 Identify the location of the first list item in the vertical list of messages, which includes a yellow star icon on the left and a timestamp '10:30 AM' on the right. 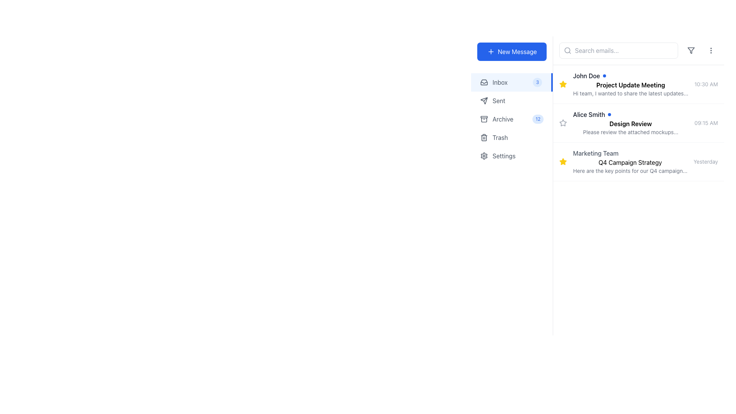
(631, 84).